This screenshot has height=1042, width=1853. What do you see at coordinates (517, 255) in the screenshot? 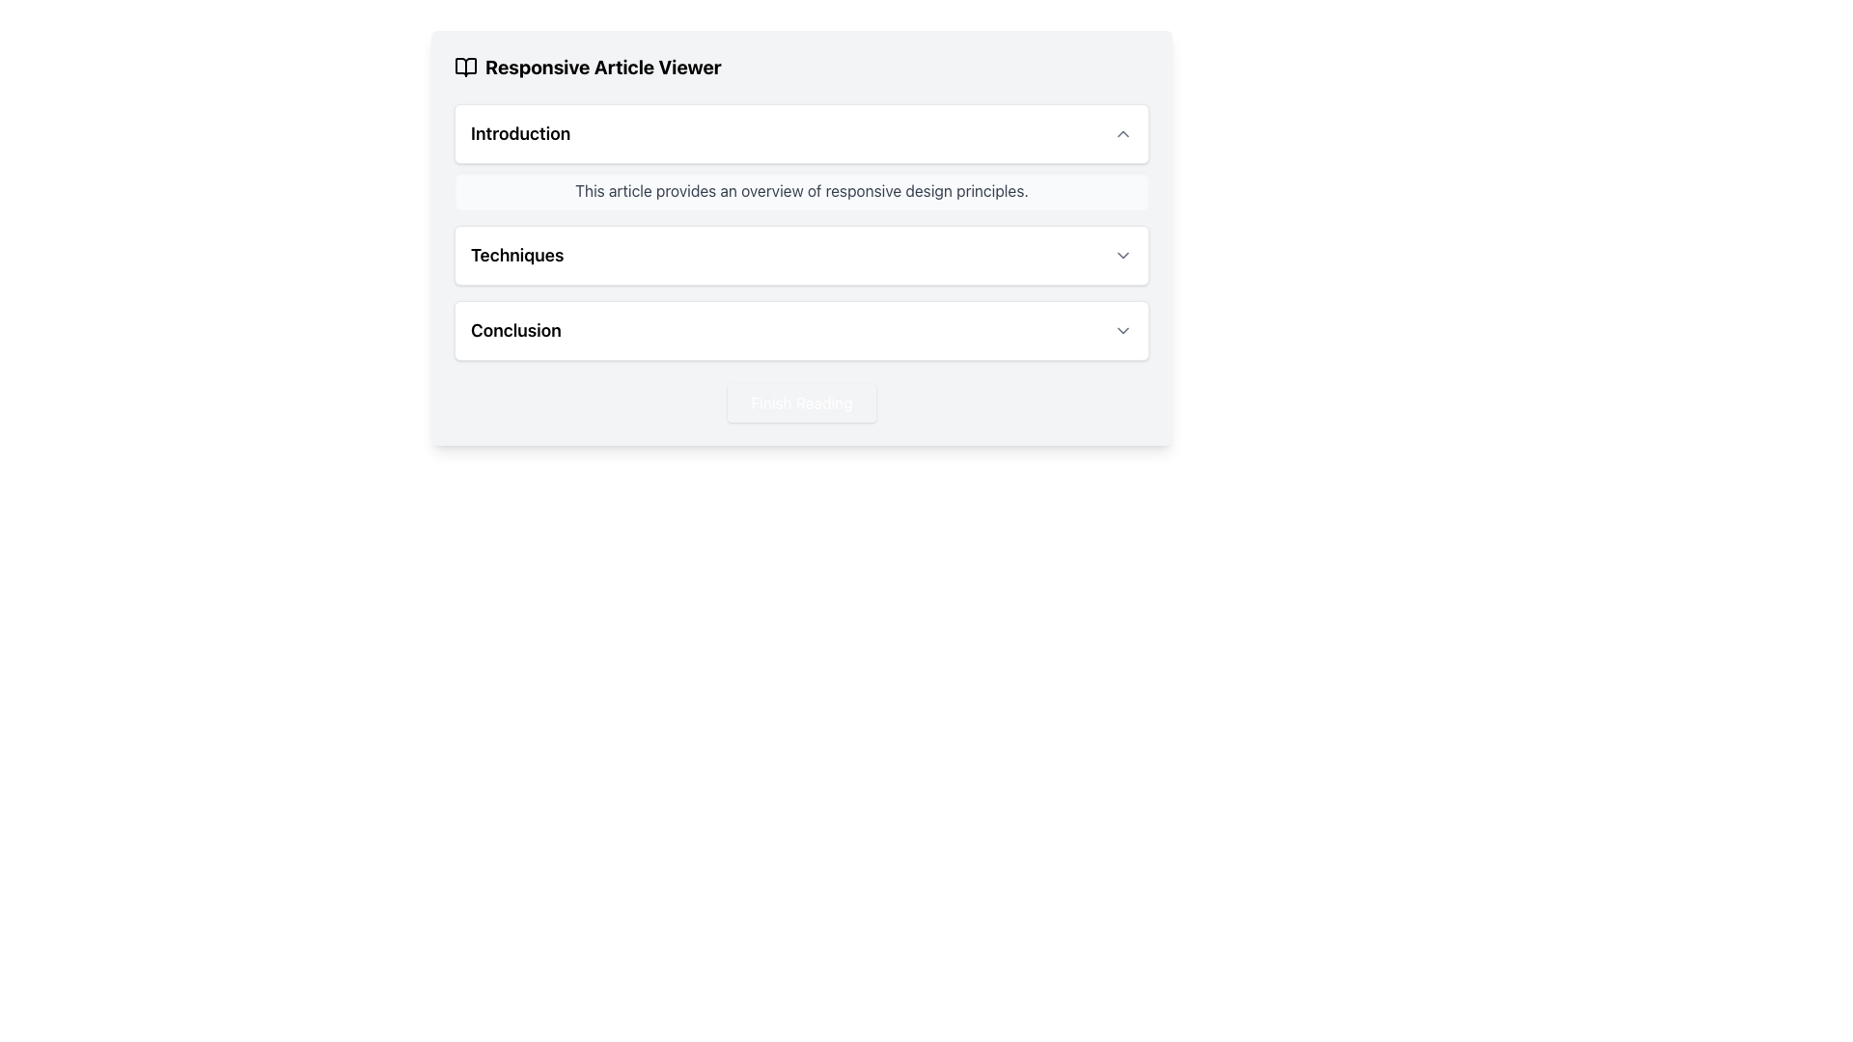
I see `text label 'Techniques' which is displayed in a large and bold format within a collapsible panel, located on the left side adjacent to a chevron icon` at bounding box center [517, 255].